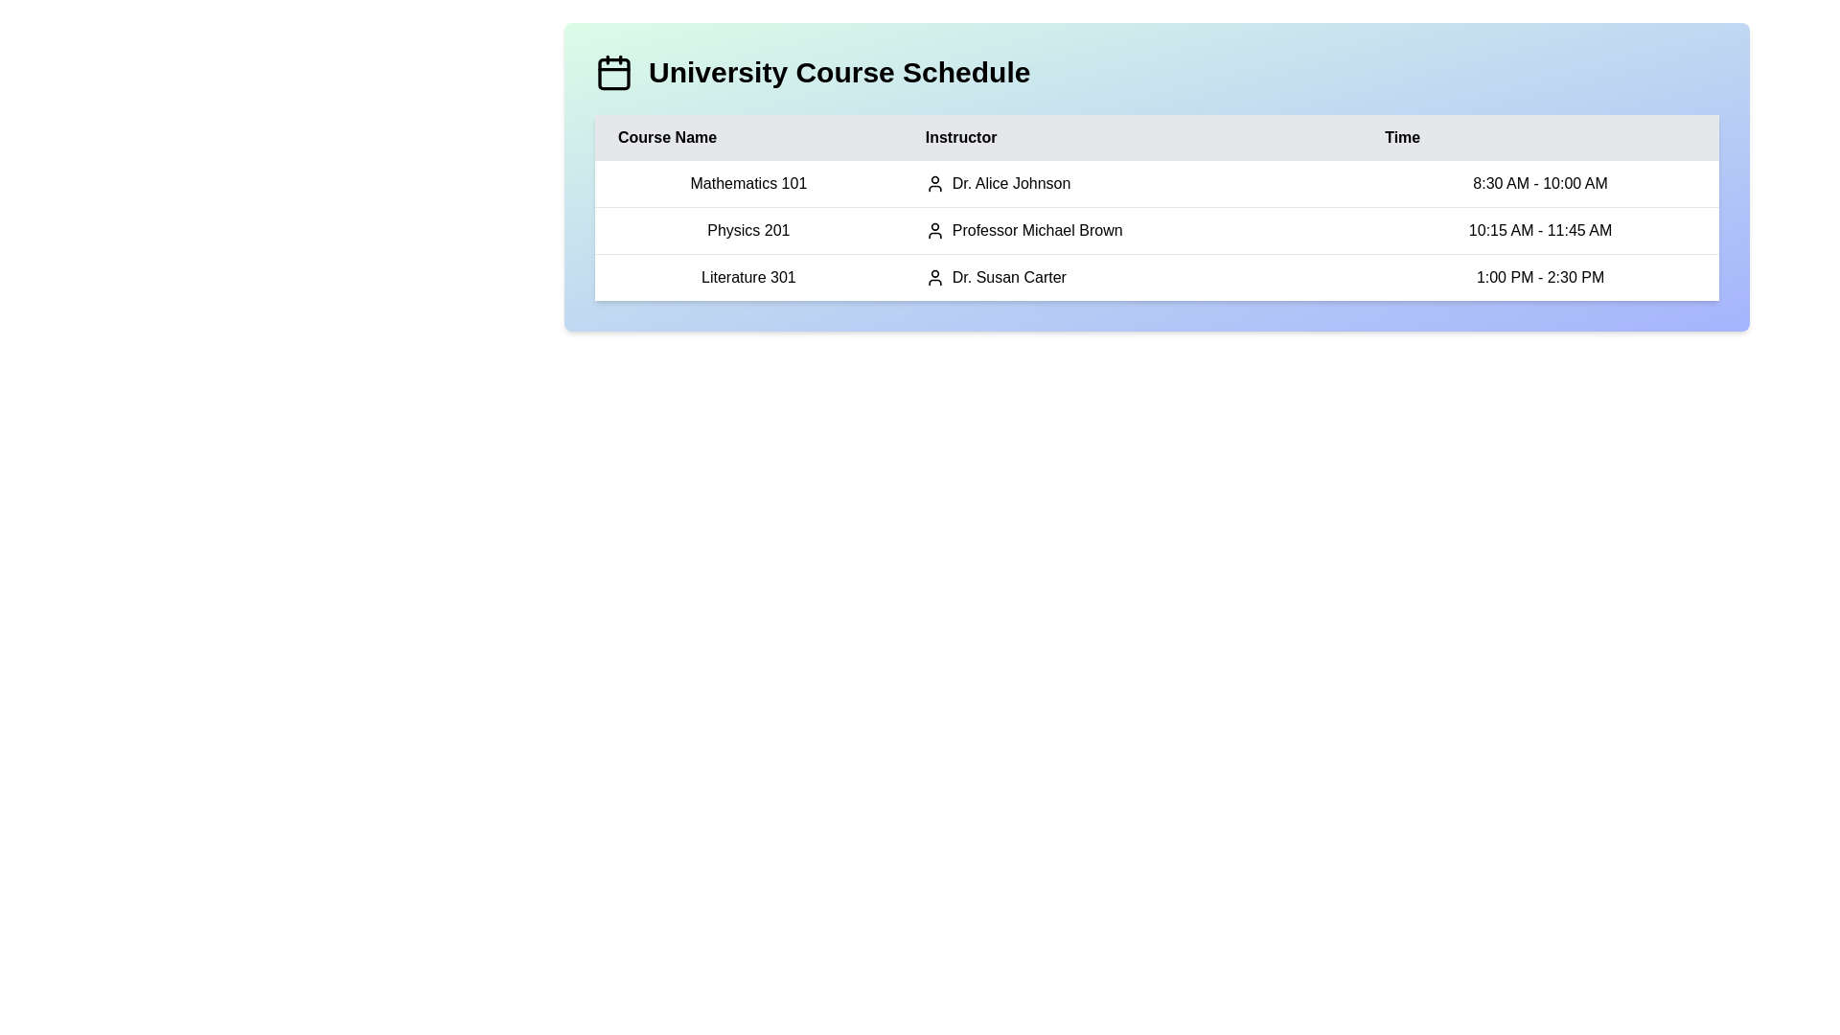  I want to click on the text label displaying 'Mathematics 101' in the 'Course Name' column of the 'University Course Schedule' table, so click(747, 184).